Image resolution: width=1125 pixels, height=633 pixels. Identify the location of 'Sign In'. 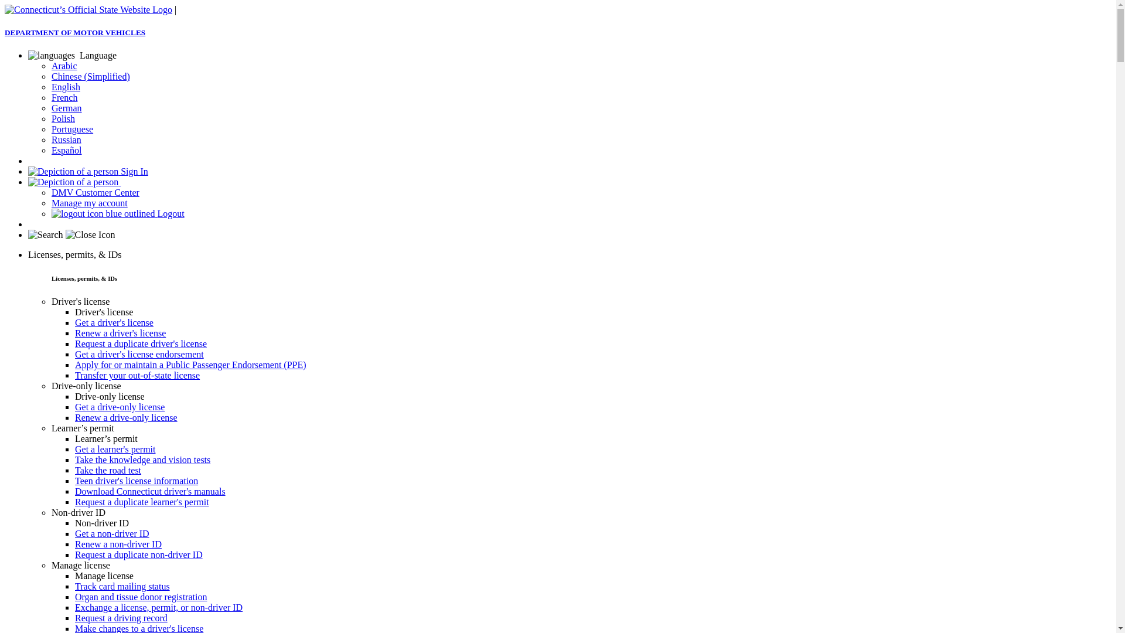
(87, 171).